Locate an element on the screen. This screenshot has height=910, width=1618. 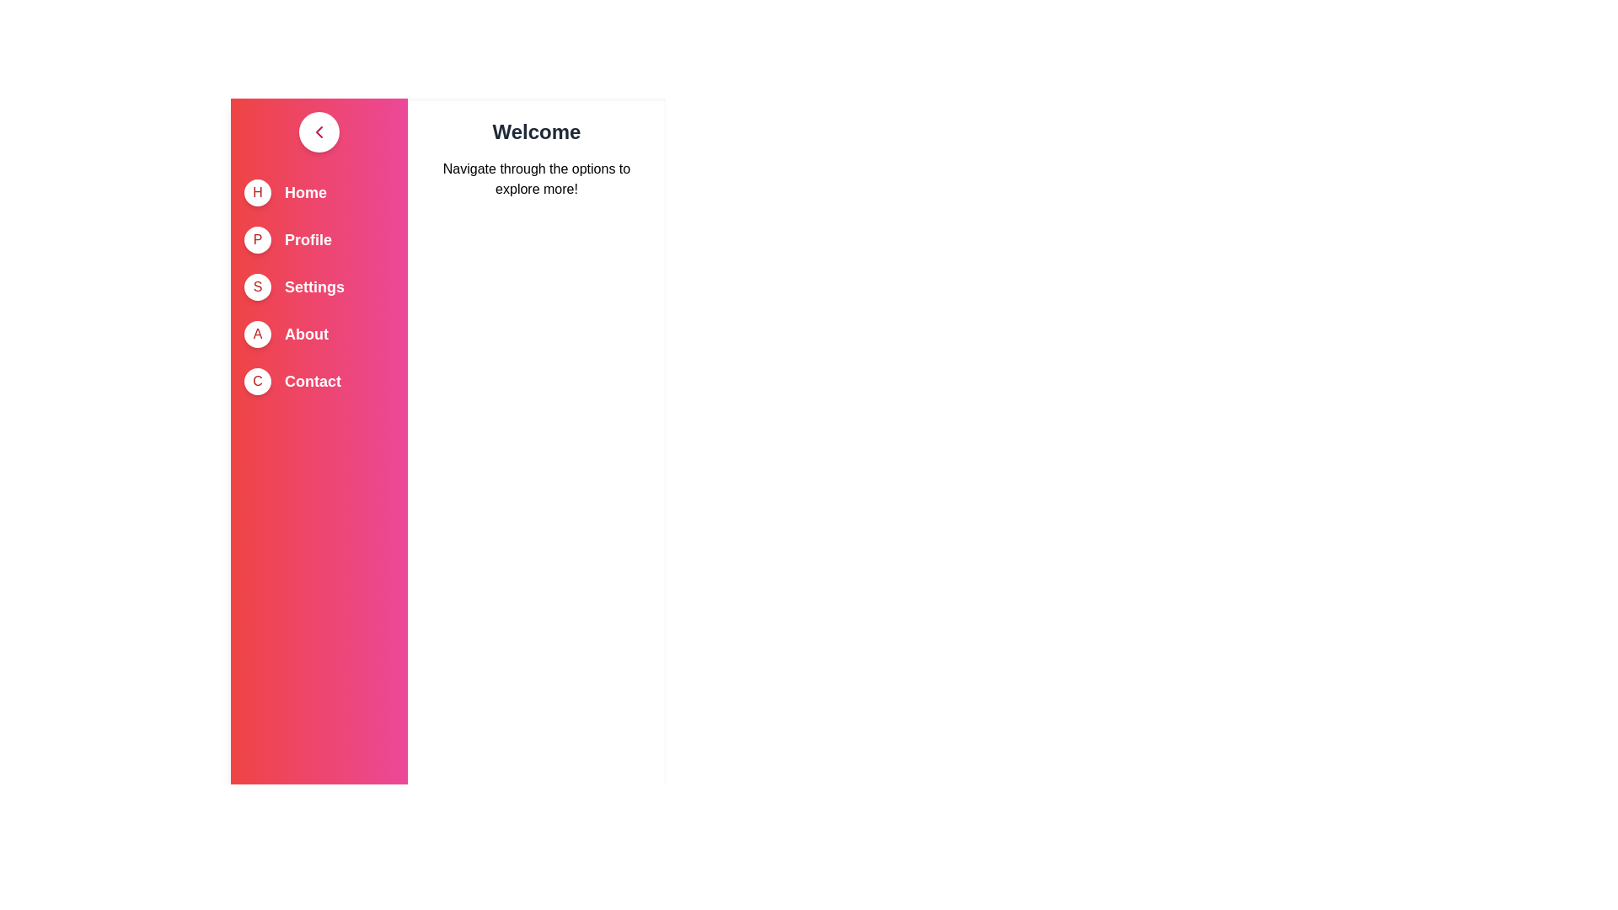
toggle button to change the drawer's state is located at coordinates (319, 131).